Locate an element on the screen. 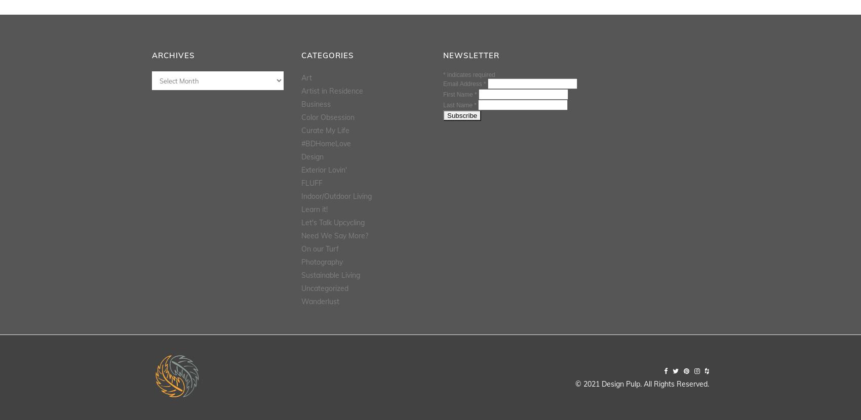  '#BDHomeLove' is located at coordinates (326, 144).